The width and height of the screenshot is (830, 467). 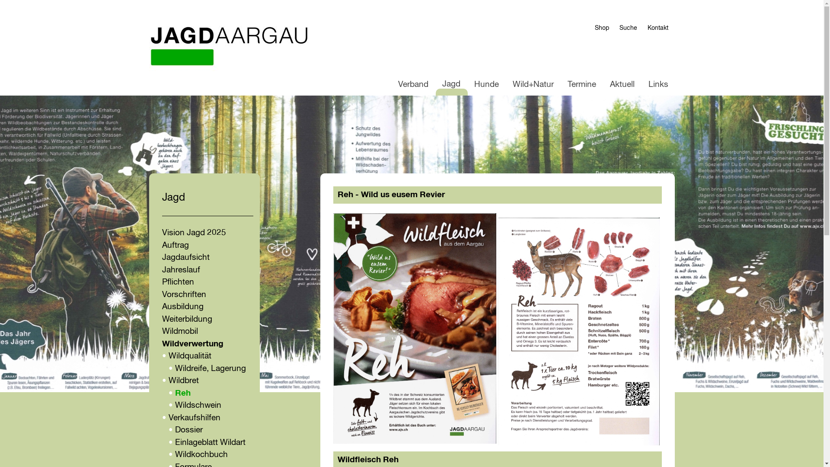 I want to click on 'Wildreife, Lagerung', so click(x=174, y=368).